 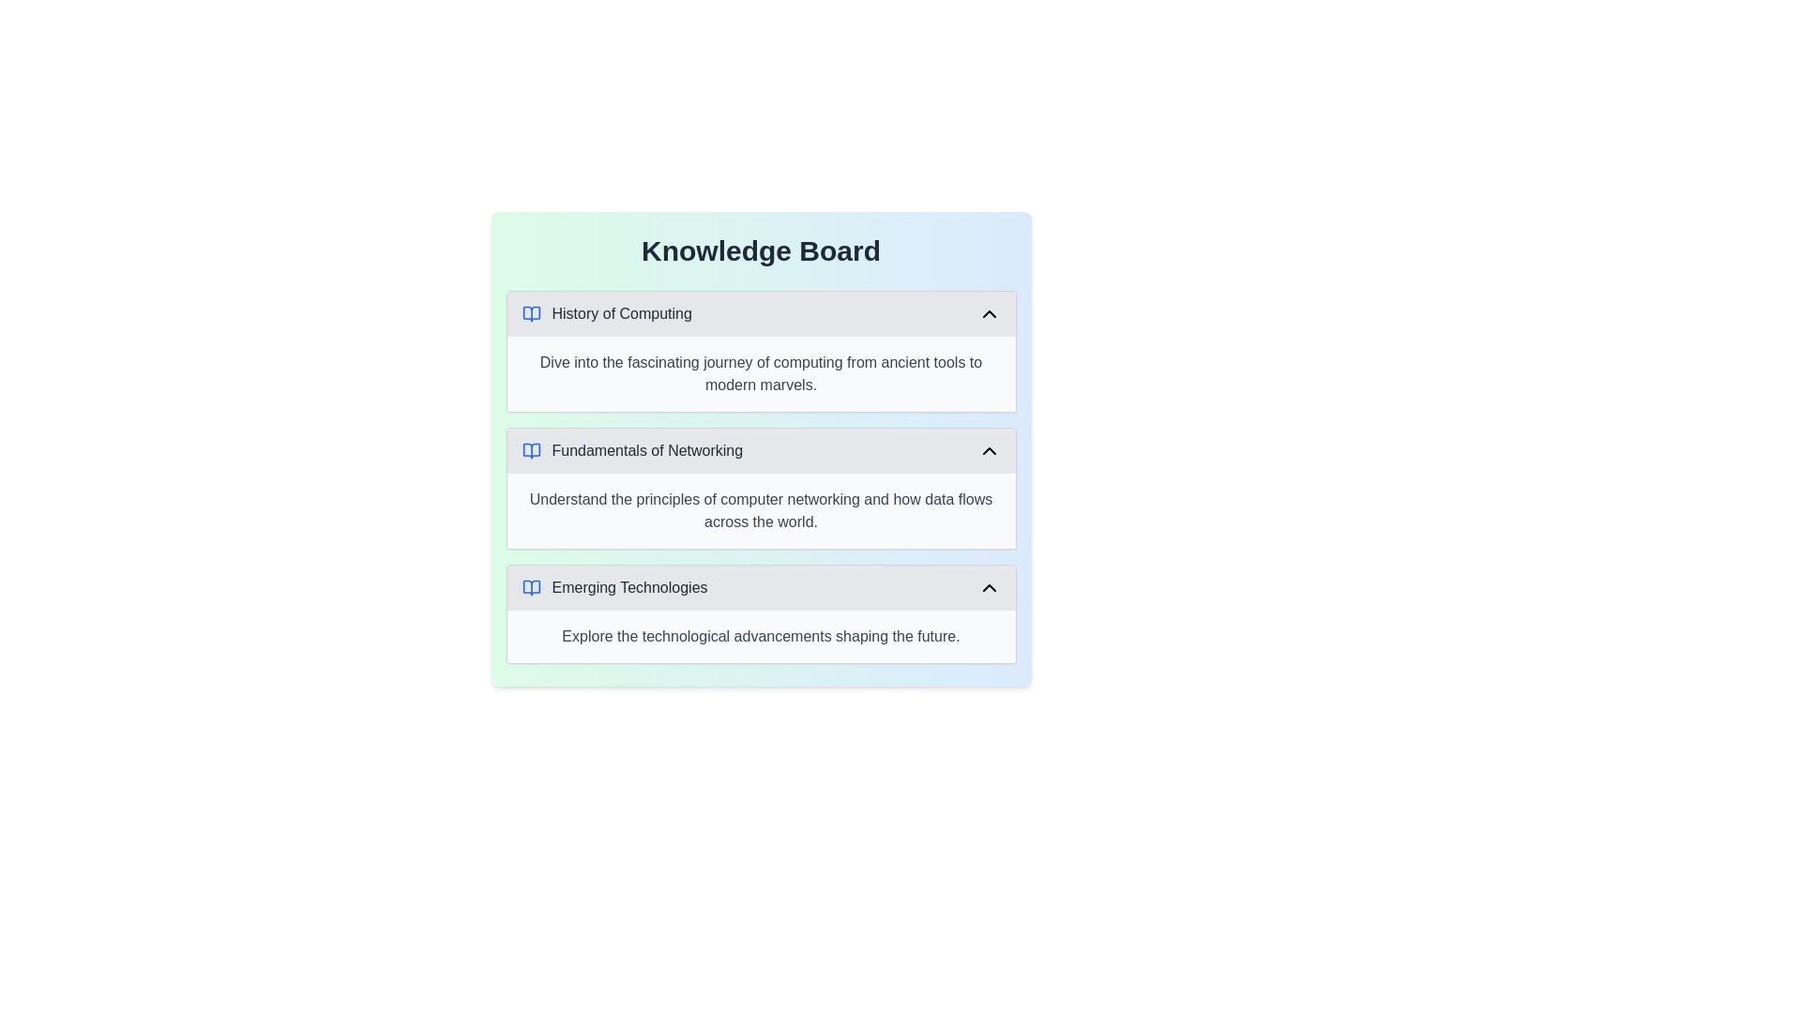 What do you see at coordinates (530, 451) in the screenshot?
I see `the icon indicating knowledge or reading materials, which is positioned second among the icons, to the left of the 'Fundamentals of Networking' section title` at bounding box center [530, 451].